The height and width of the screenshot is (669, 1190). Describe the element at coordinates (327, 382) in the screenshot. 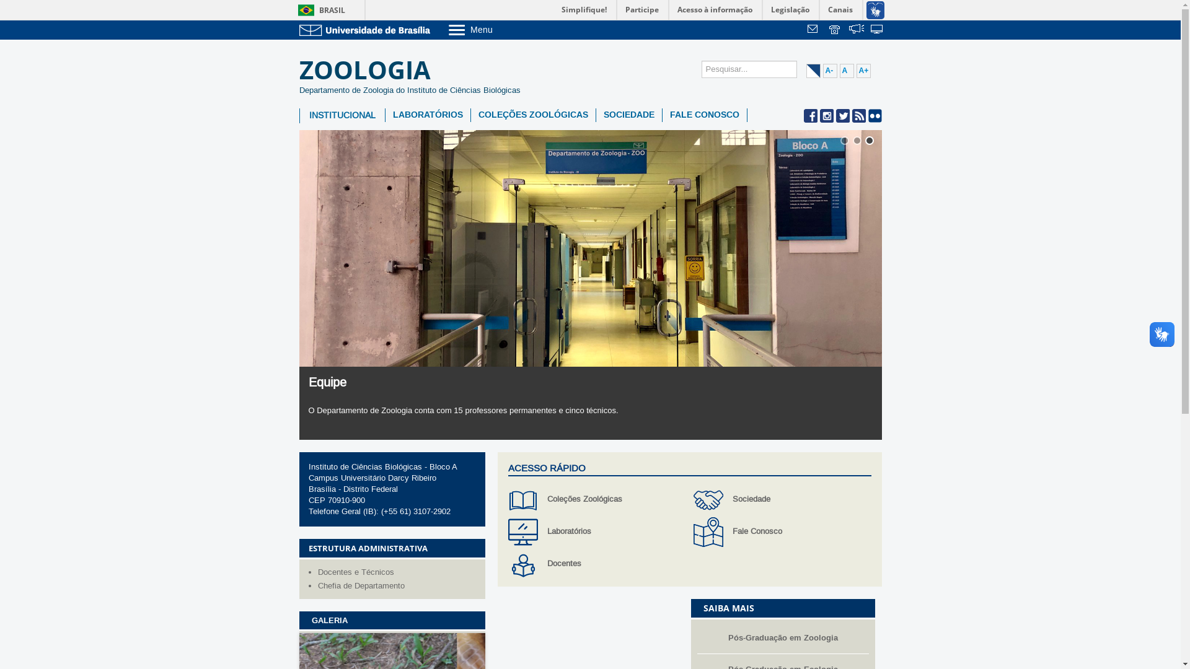

I see `'Equipe'` at that location.